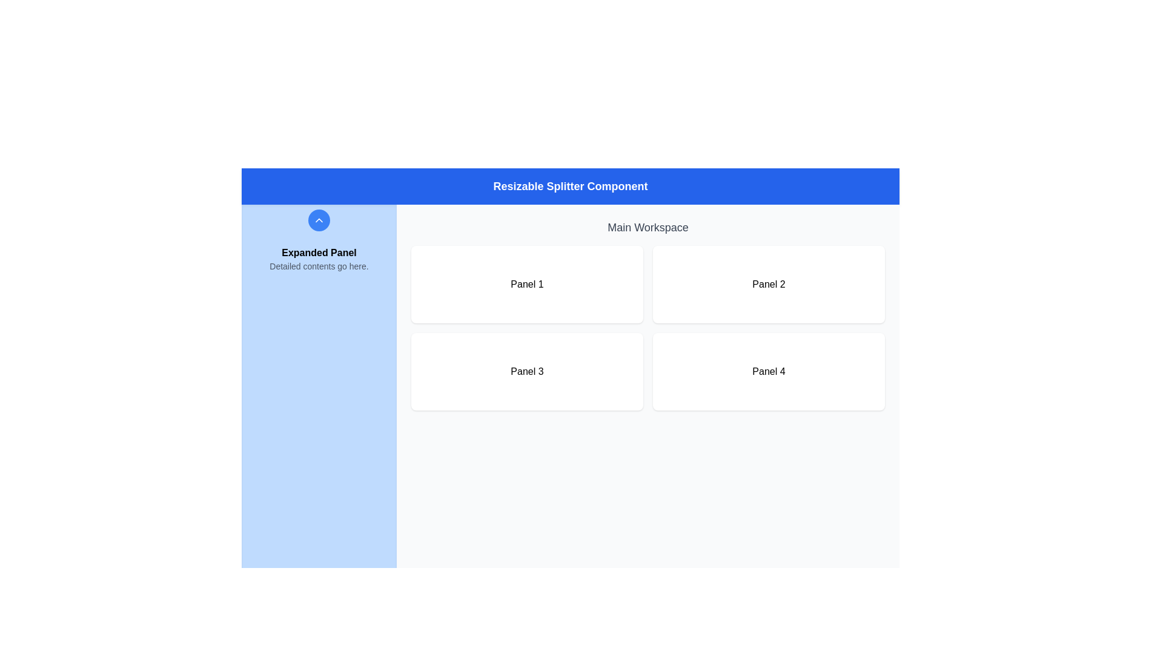  Describe the element at coordinates (319, 220) in the screenshot. I see `the circular blue button with a white upward arrow icon located in the 'Expanded Panel' on the left side of the interface` at that location.